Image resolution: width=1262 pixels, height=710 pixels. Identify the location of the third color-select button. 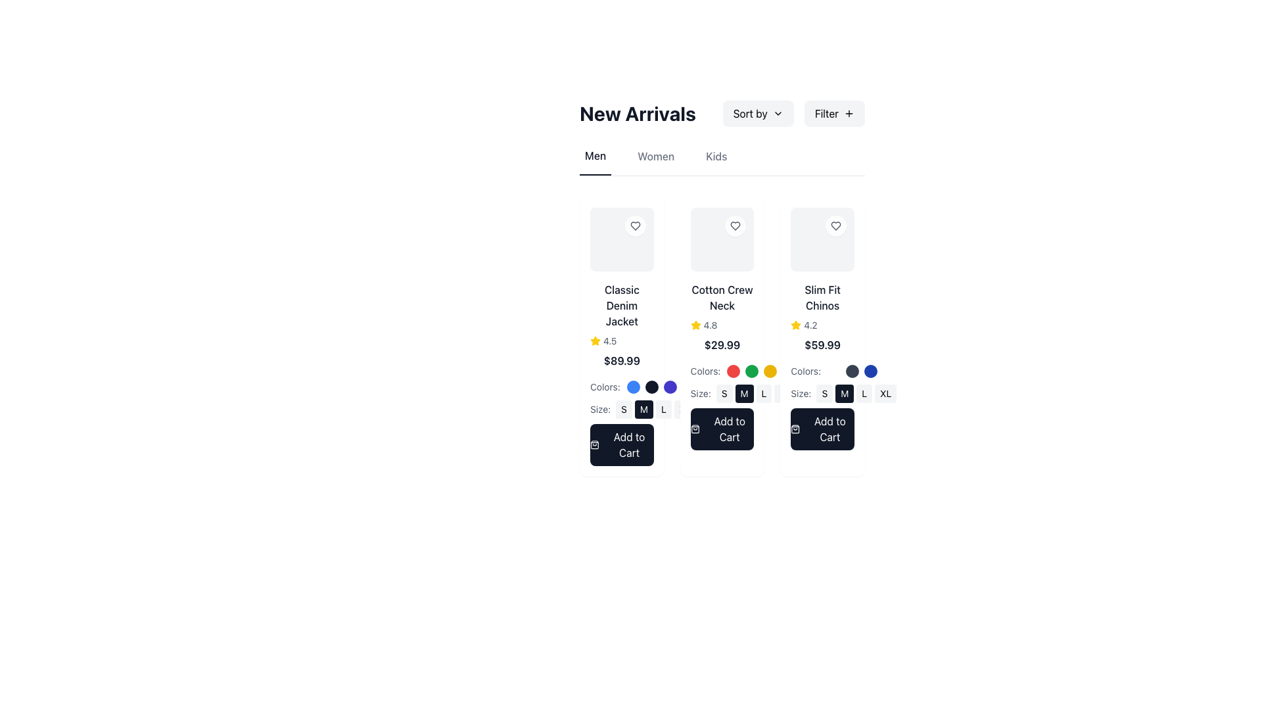
(870, 371).